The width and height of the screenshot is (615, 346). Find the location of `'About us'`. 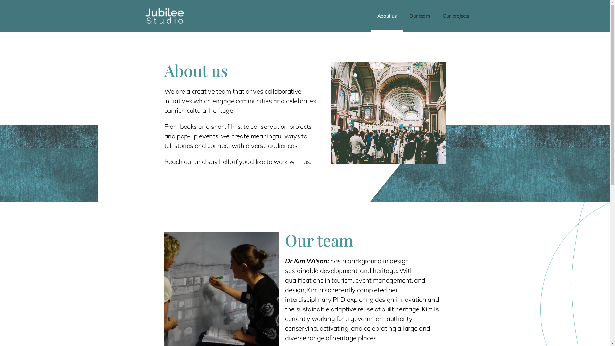

'About us' is located at coordinates (387, 16).